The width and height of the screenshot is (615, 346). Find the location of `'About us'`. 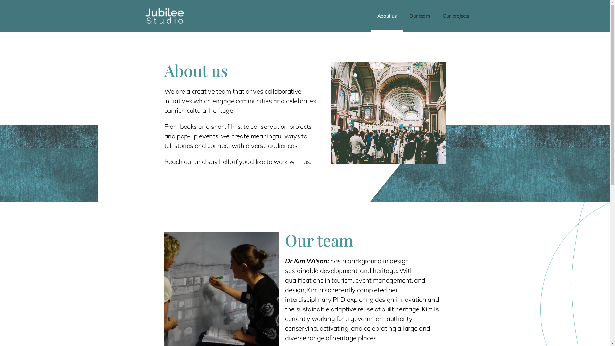

'About us' is located at coordinates (387, 16).